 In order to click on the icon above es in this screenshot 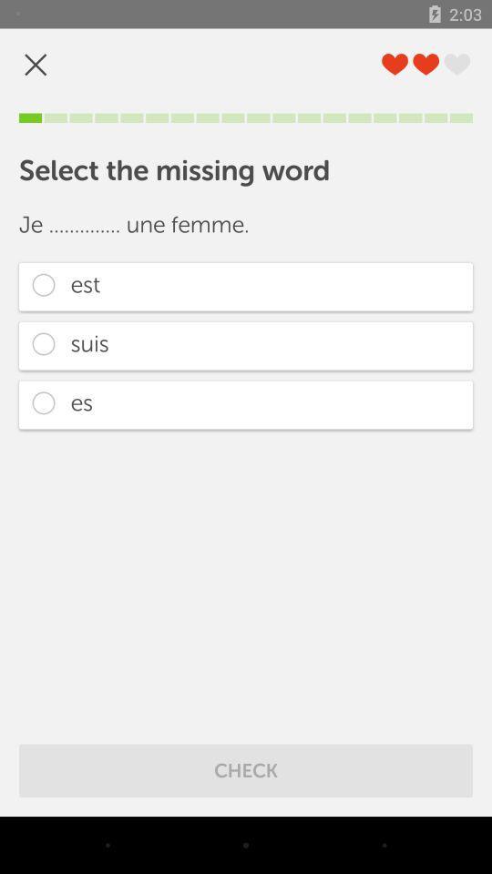, I will do `click(246, 345)`.